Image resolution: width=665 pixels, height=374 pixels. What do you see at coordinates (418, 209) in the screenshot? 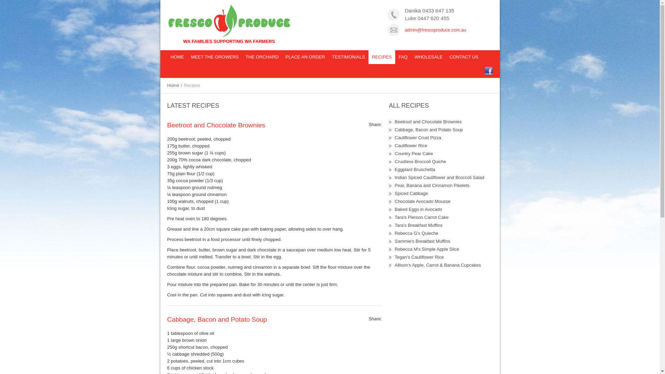
I see `'Baked Eggs in Avocado'` at bounding box center [418, 209].